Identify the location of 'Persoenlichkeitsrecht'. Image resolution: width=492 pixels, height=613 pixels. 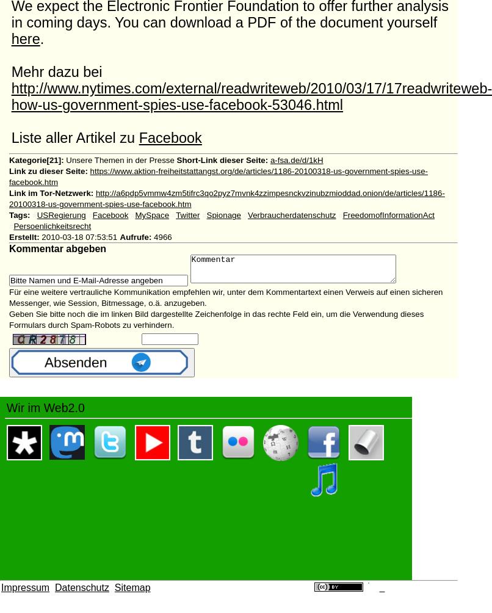
(51, 226).